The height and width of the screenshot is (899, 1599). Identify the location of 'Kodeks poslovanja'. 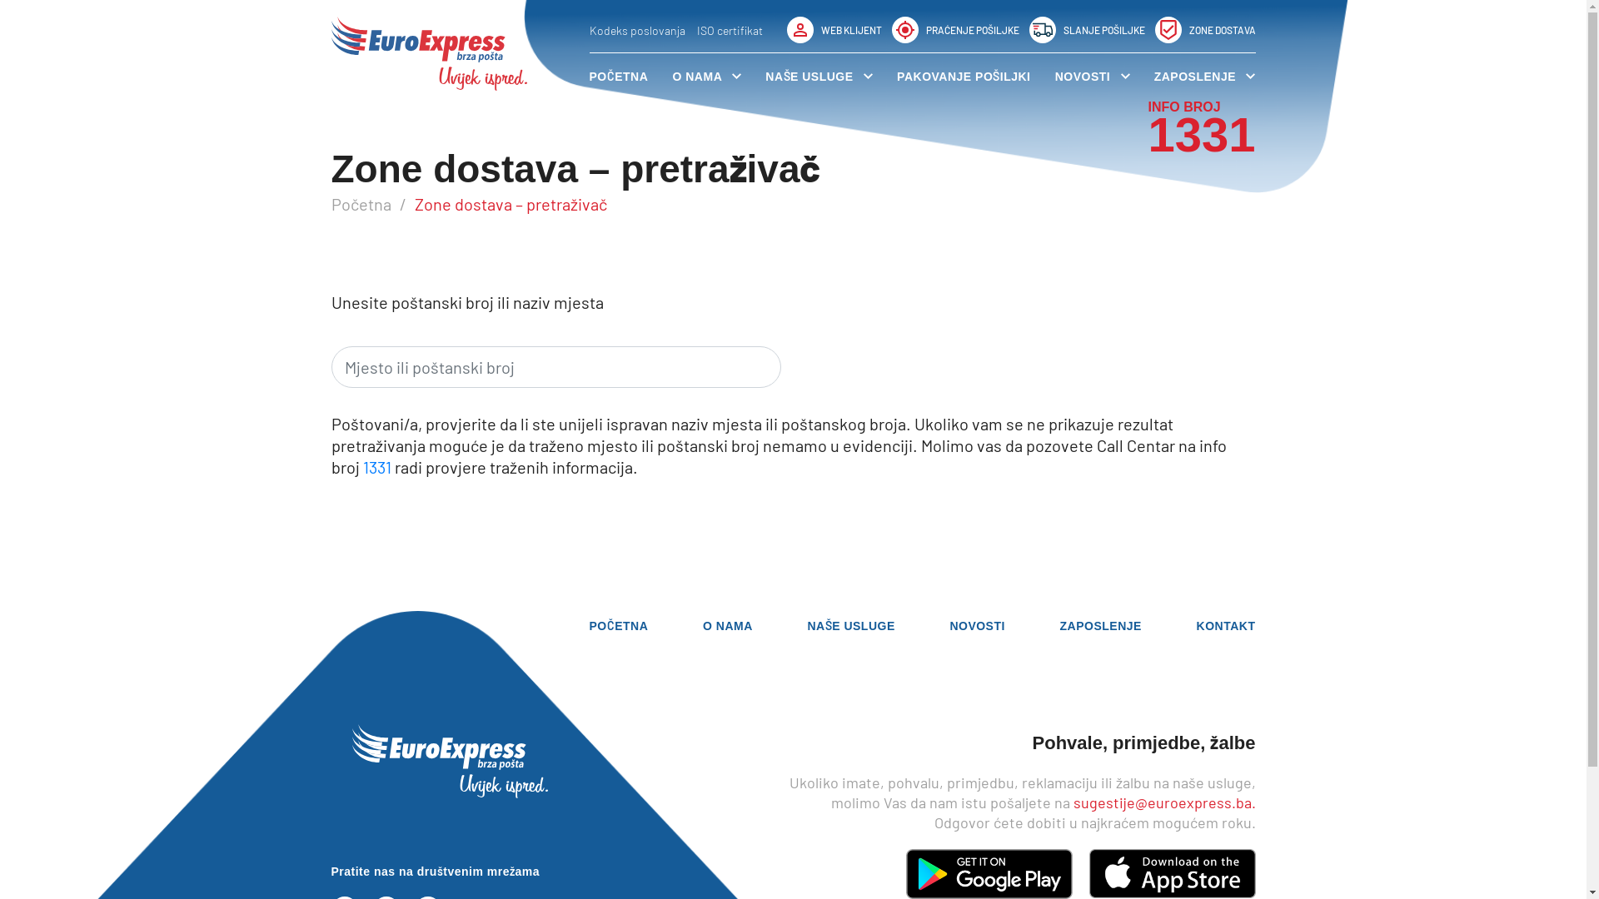
(636, 30).